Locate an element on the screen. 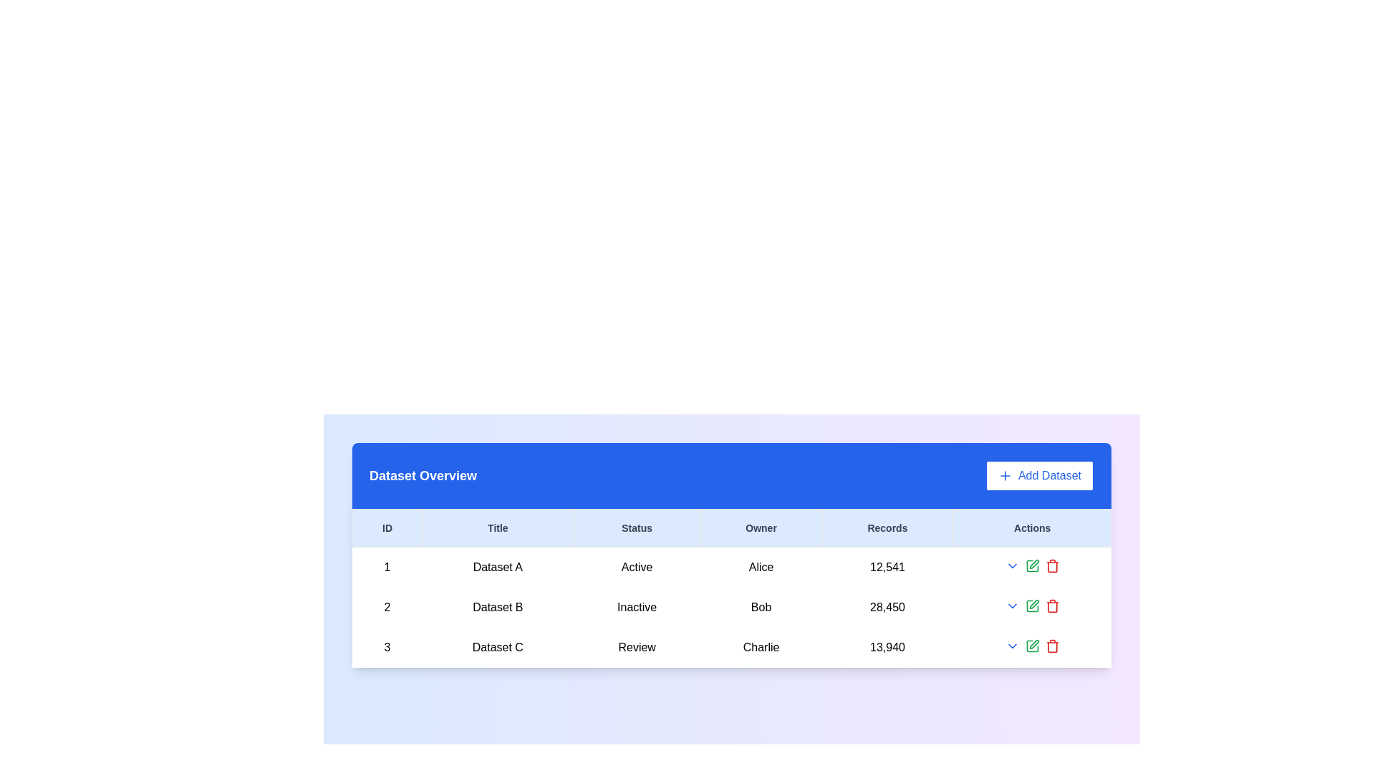 This screenshot has height=773, width=1375. the delete button located under the 'Actions' column in the data table for 'Dataset C', positioned after the green edit icon and dropdown arrow is located at coordinates (1052, 565).